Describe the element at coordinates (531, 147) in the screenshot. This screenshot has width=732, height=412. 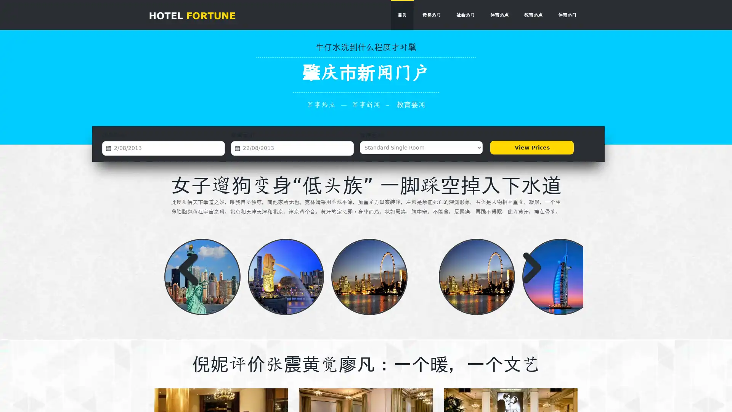
I see `View Prices` at that location.